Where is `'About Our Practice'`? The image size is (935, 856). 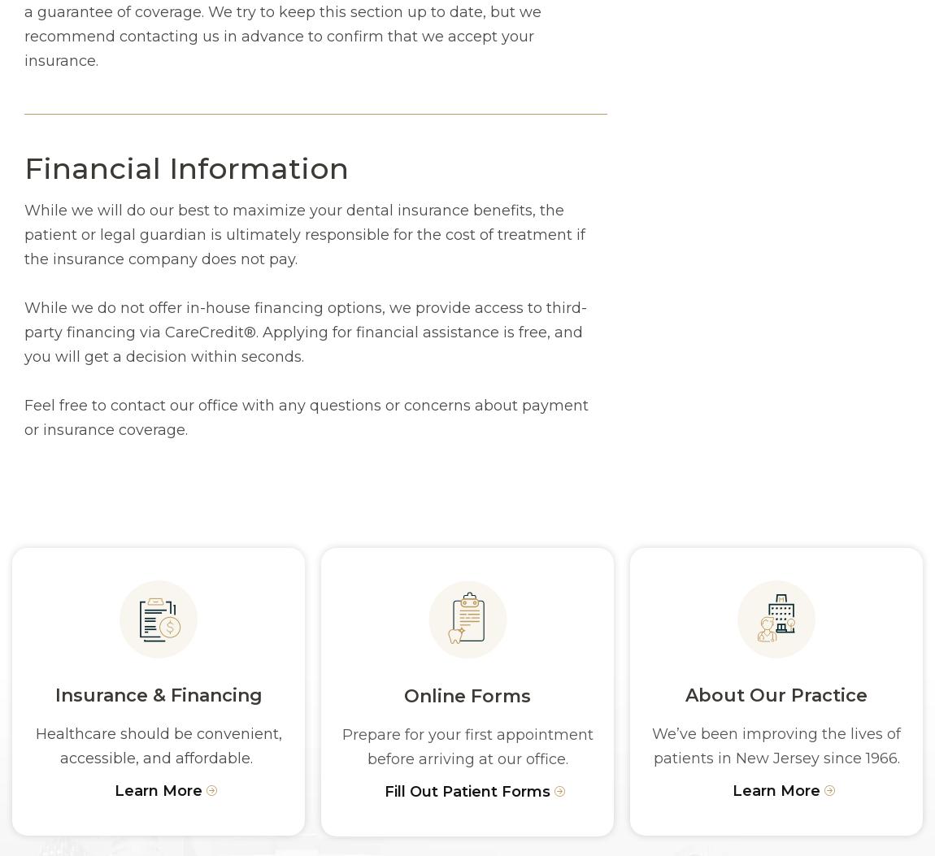
'About Our Practice' is located at coordinates (776, 694).